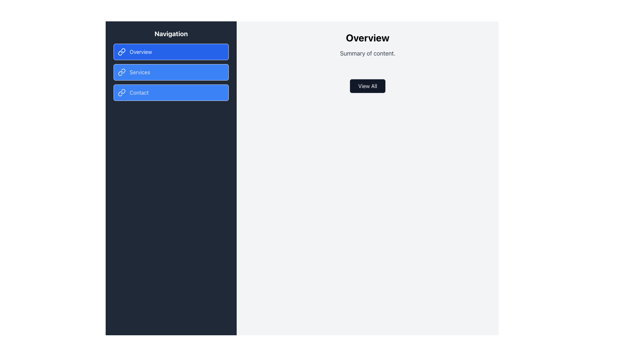 The width and height of the screenshot is (632, 355). I want to click on the 'Services' navigation button located in the left-side navigation panel, so click(171, 72).